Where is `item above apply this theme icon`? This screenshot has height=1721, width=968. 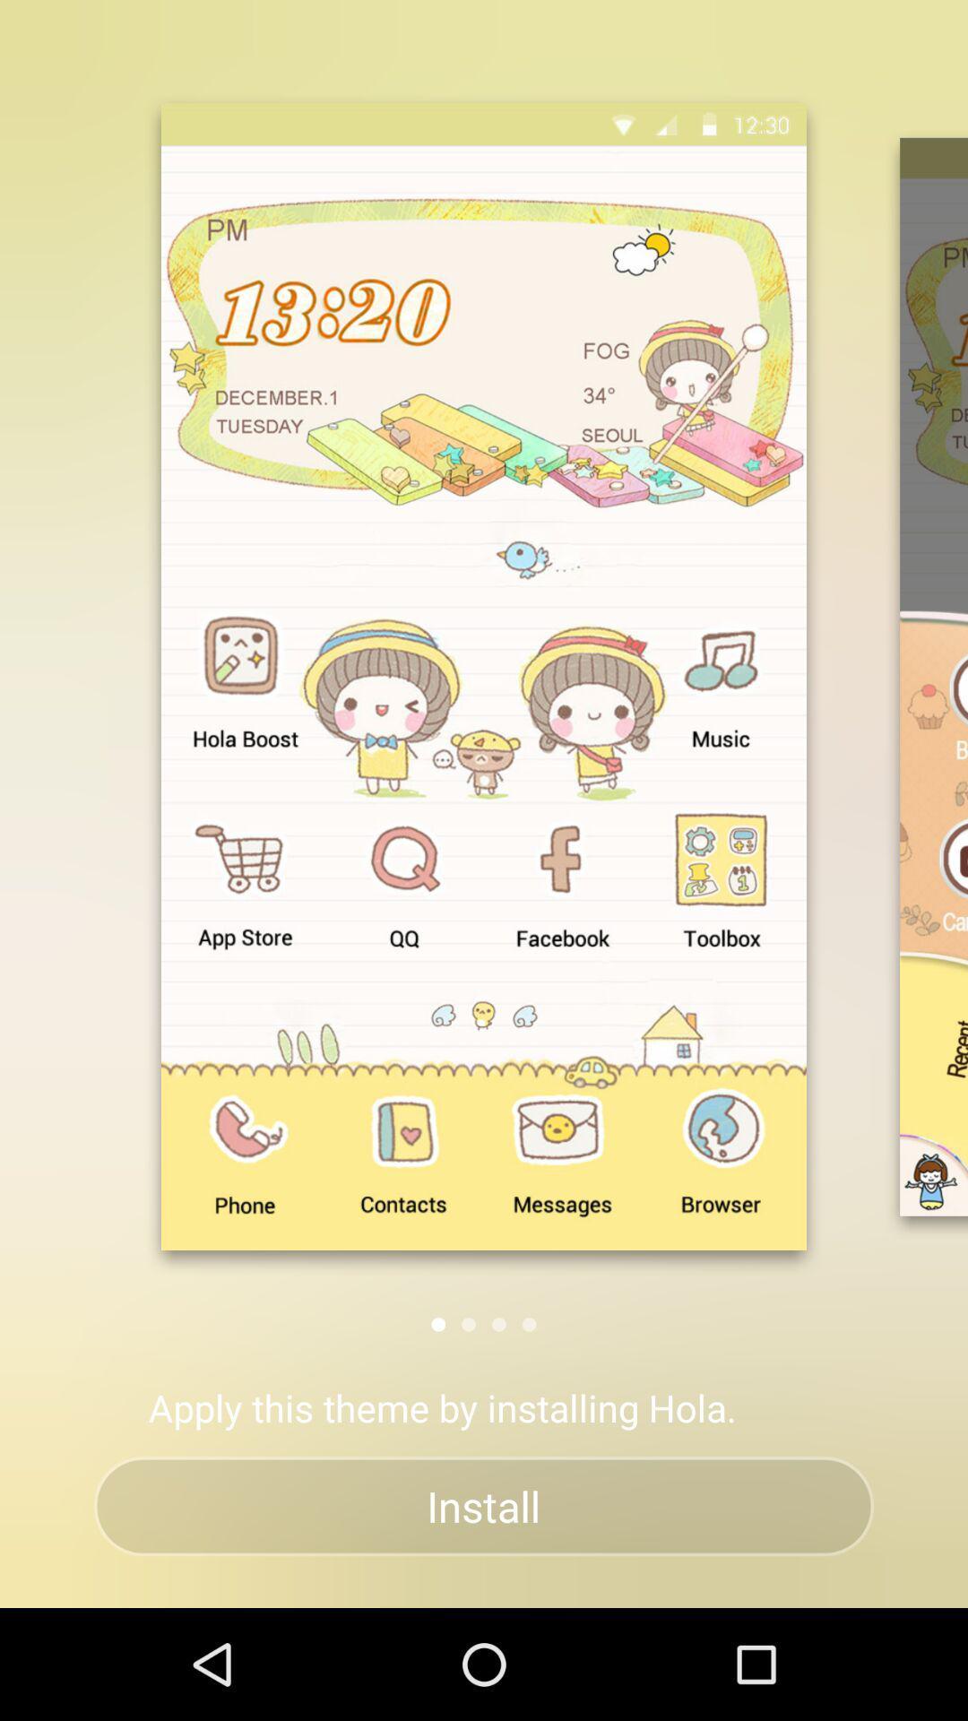 item above apply this theme icon is located at coordinates (438, 1324).